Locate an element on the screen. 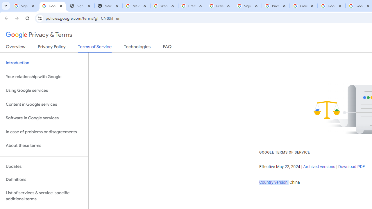 The width and height of the screenshot is (372, 209). 'FAQ' is located at coordinates (167, 48).